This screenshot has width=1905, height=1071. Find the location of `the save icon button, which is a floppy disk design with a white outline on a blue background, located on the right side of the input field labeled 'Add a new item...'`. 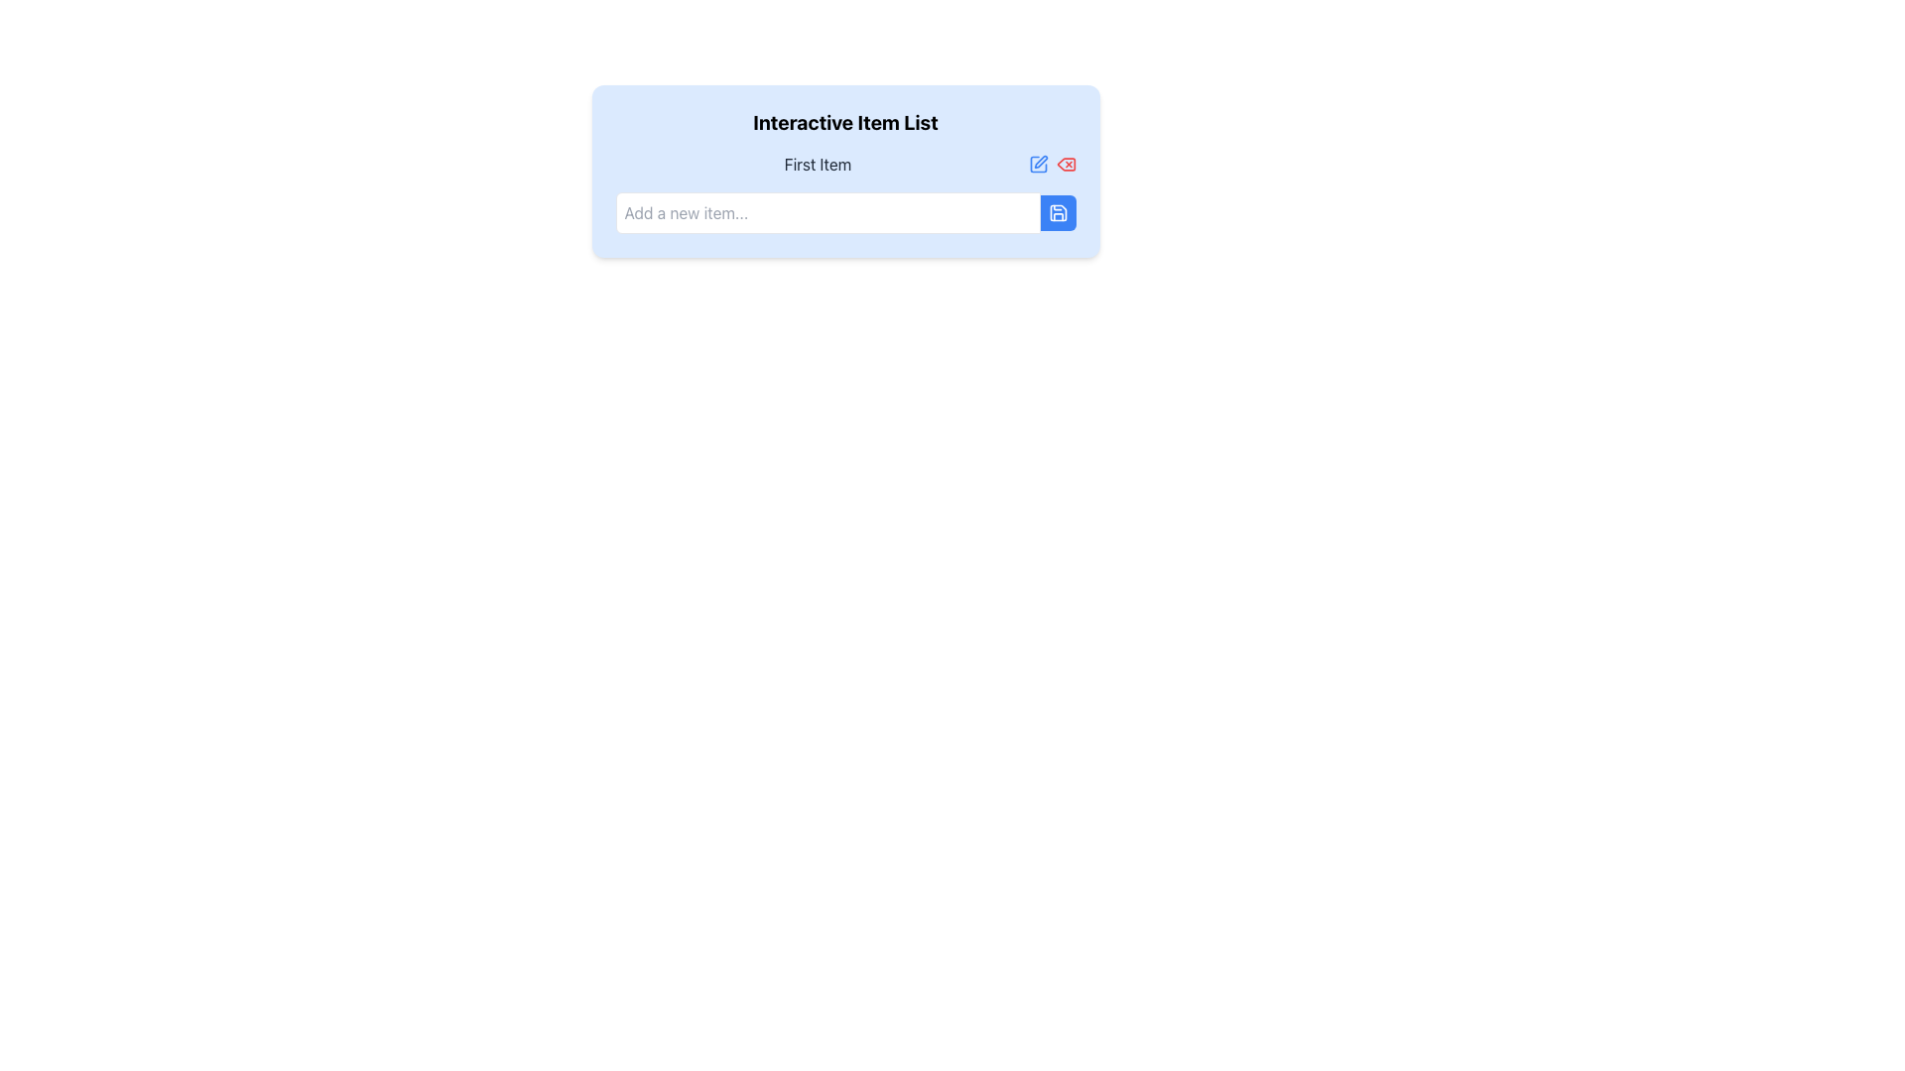

the save icon button, which is a floppy disk design with a white outline on a blue background, located on the right side of the input field labeled 'Add a new item...' is located at coordinates (1057, 213).